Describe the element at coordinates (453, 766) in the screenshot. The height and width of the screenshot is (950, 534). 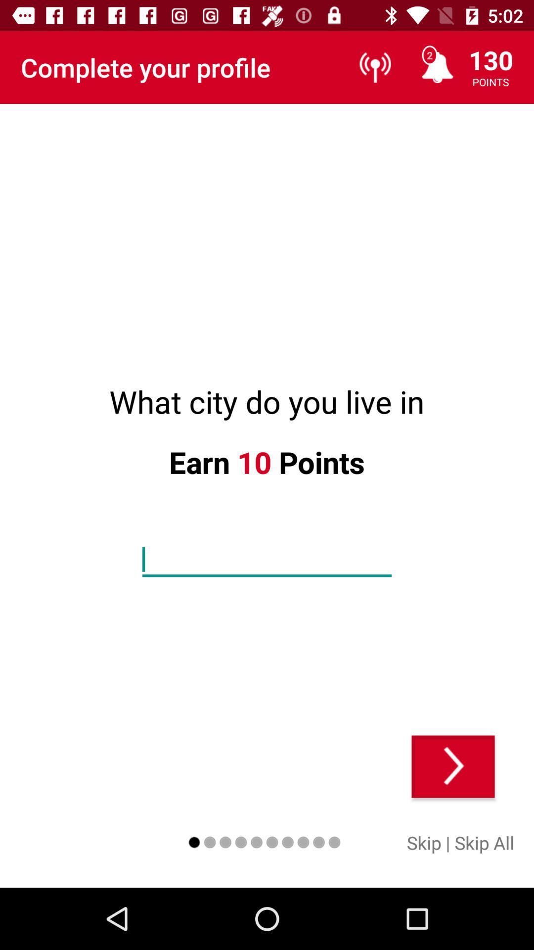
I see `next question` at that location.